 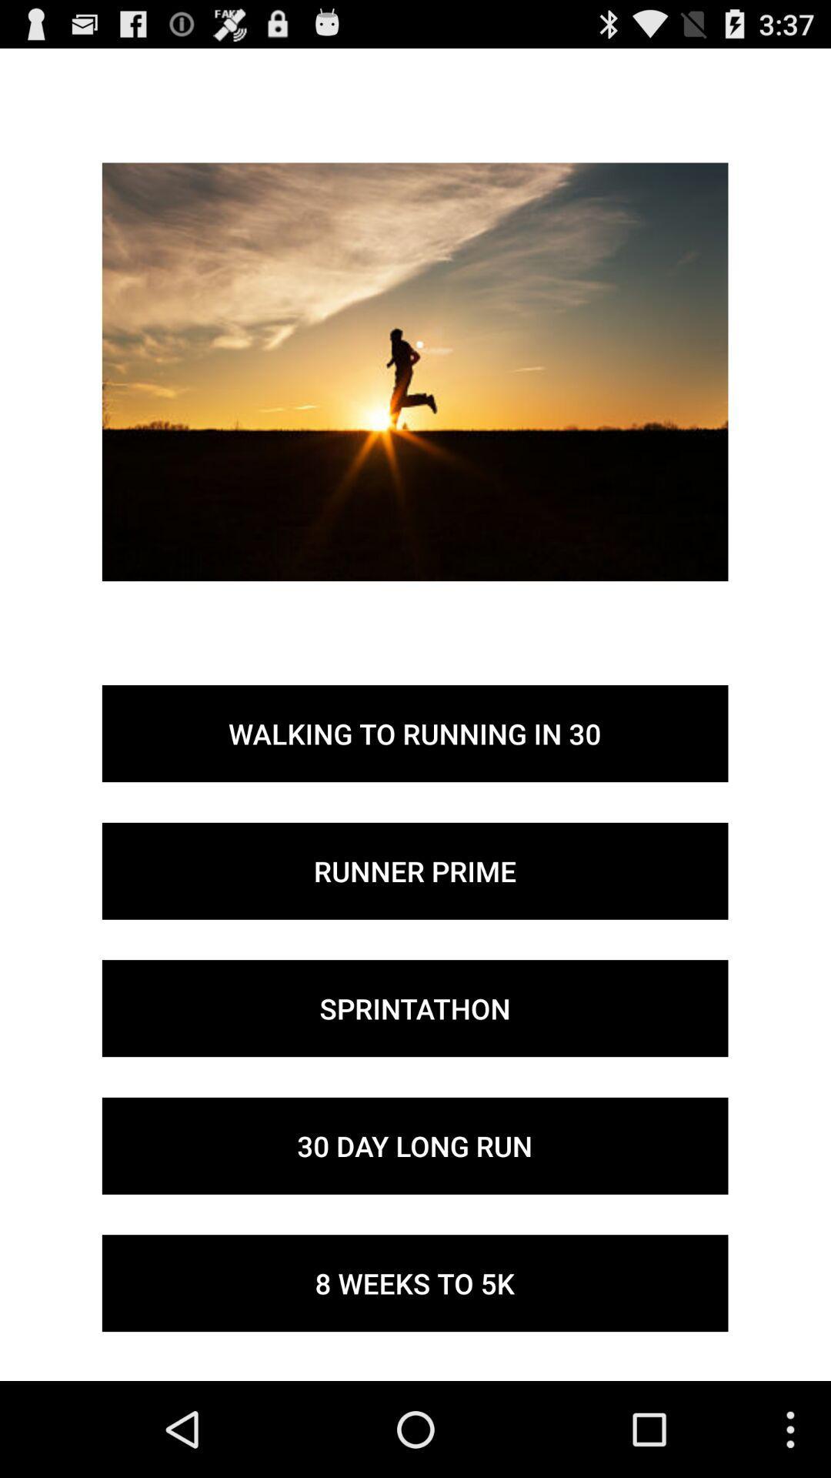 What do you see at coordinates (414, 1008) in the screenshot?
I see `the icon below the runner prime button` at bounding box center [414, 1008].